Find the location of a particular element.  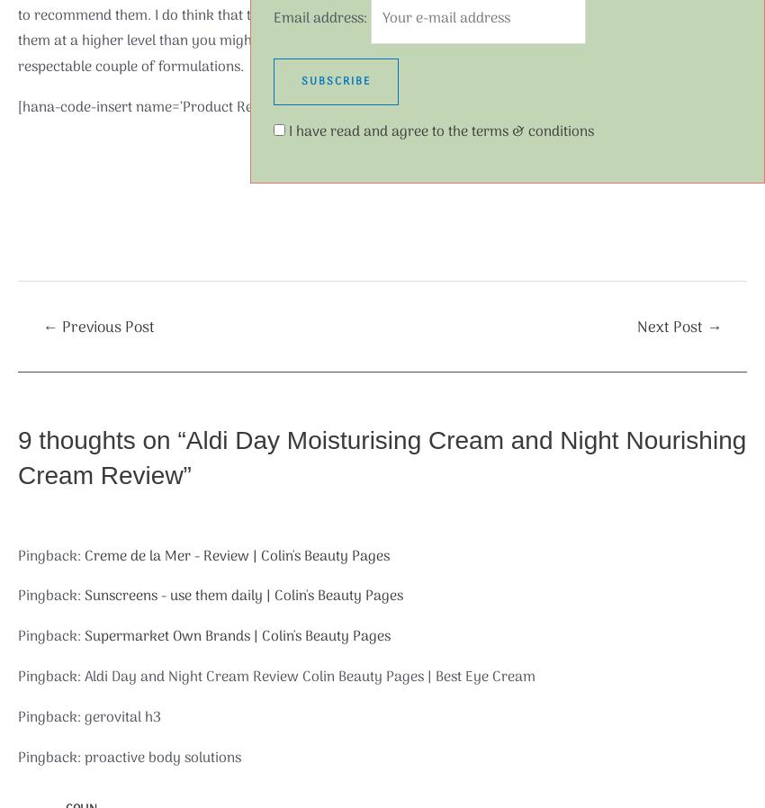

'9 thoughts on “Aldi Day Moisturising Cream and Night Nourishing Cream Review”' is located at coordinates (382, 456).